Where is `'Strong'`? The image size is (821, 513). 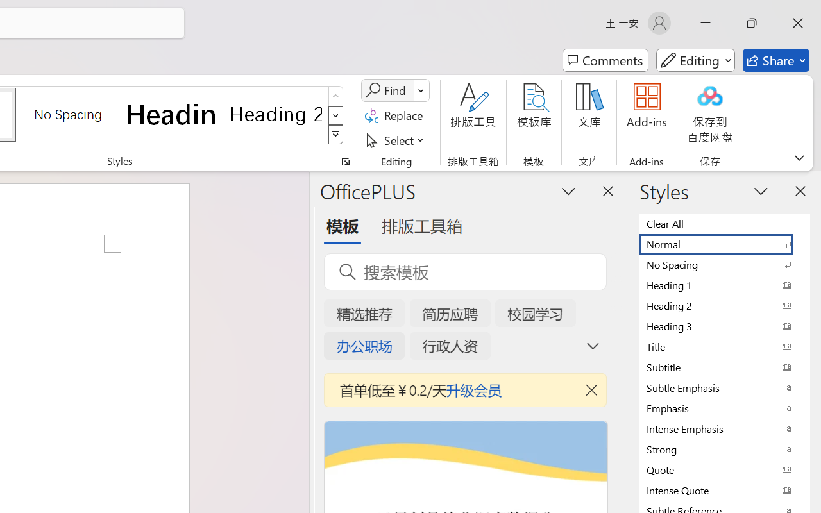
'Strong' is located at coordinates (725, 449).